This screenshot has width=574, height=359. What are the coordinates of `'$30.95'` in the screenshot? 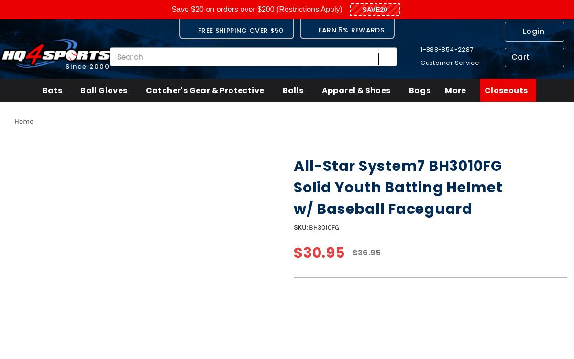 It's located at (319, 253).